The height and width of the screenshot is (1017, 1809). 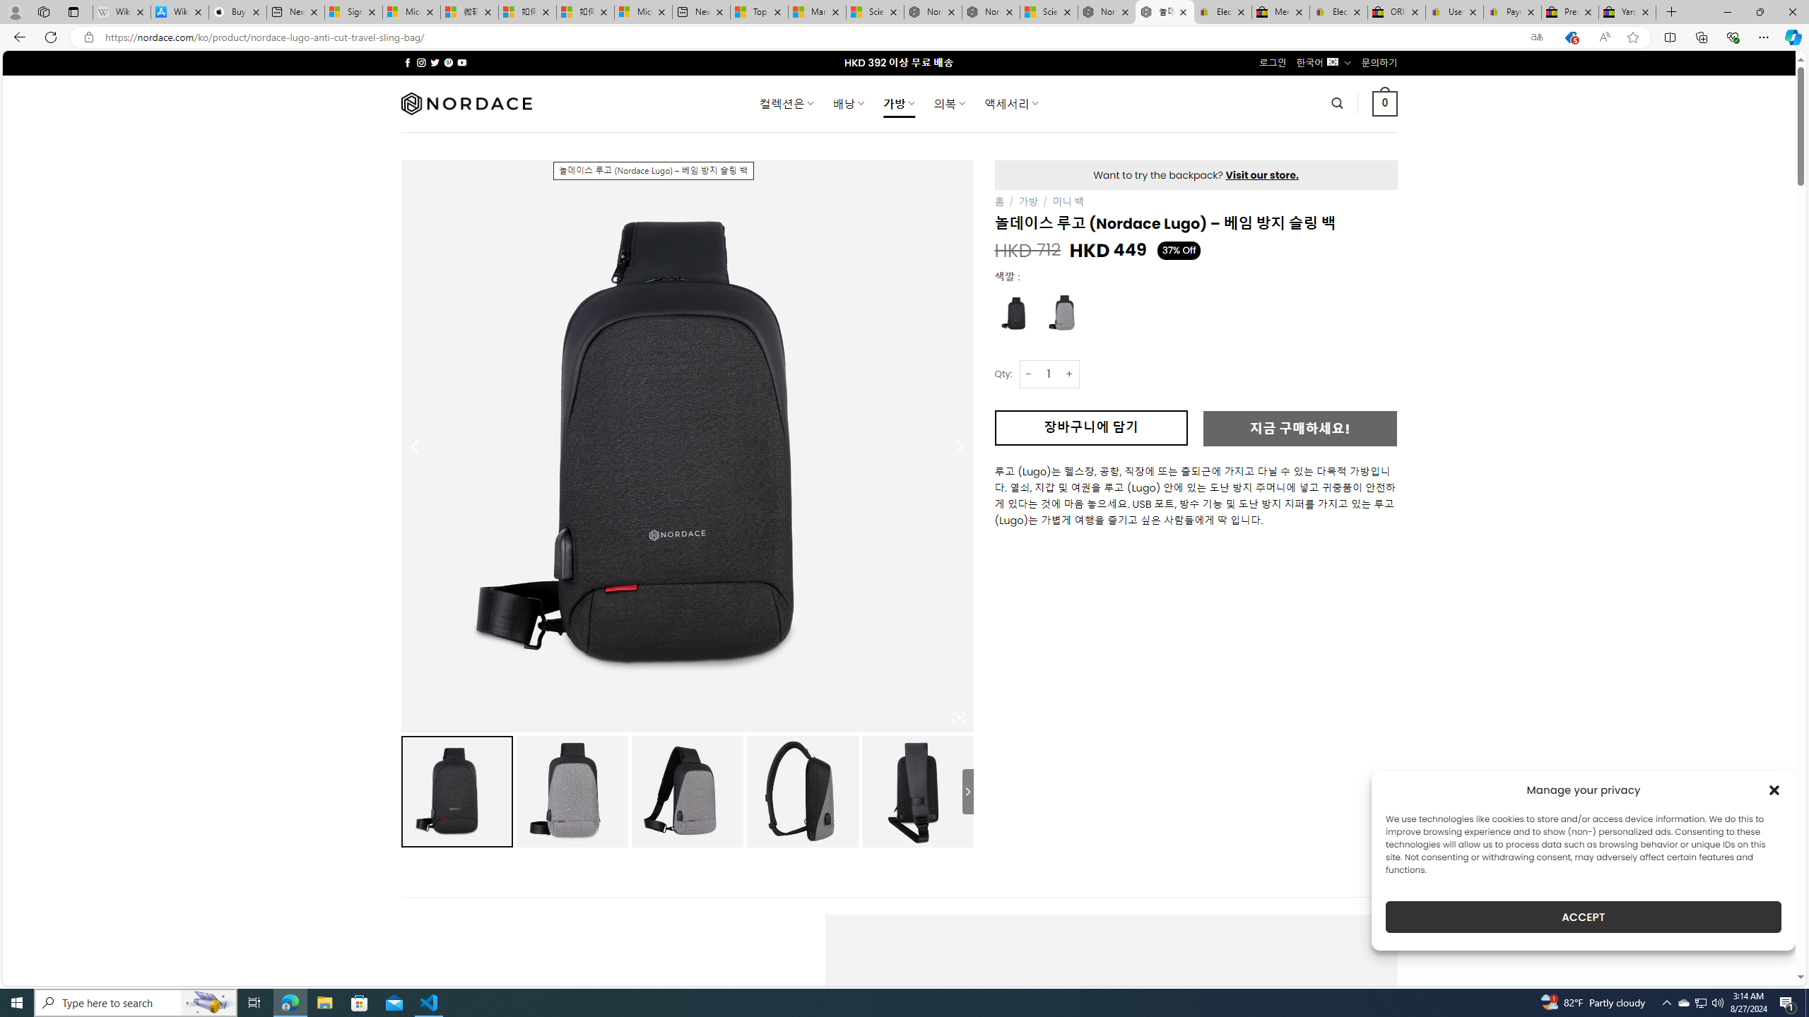 What do you see at coordinates (1069, 373) in the screenshot?
I see `'+'` at bounding box center [1069, 373].